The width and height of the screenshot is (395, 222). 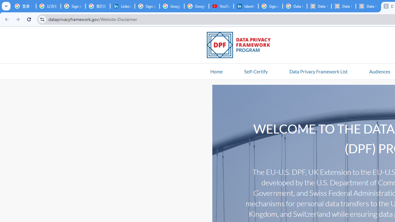 I want to click on 'Self-Certify', so click(x=256, y=71).